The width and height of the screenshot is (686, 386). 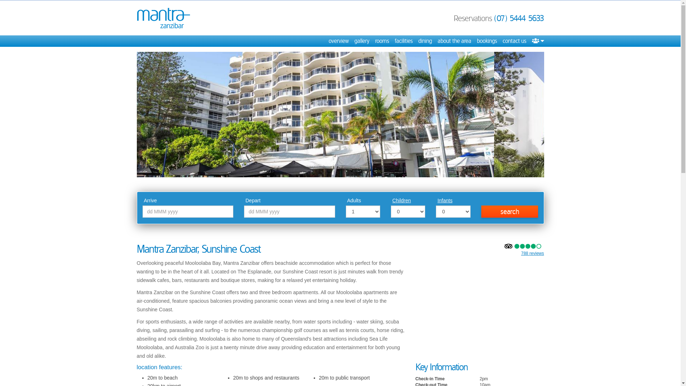 What do you see at coordinates (486, 41) in the screenshot?
I see `'bookings'` at bounding box center [486, 41].